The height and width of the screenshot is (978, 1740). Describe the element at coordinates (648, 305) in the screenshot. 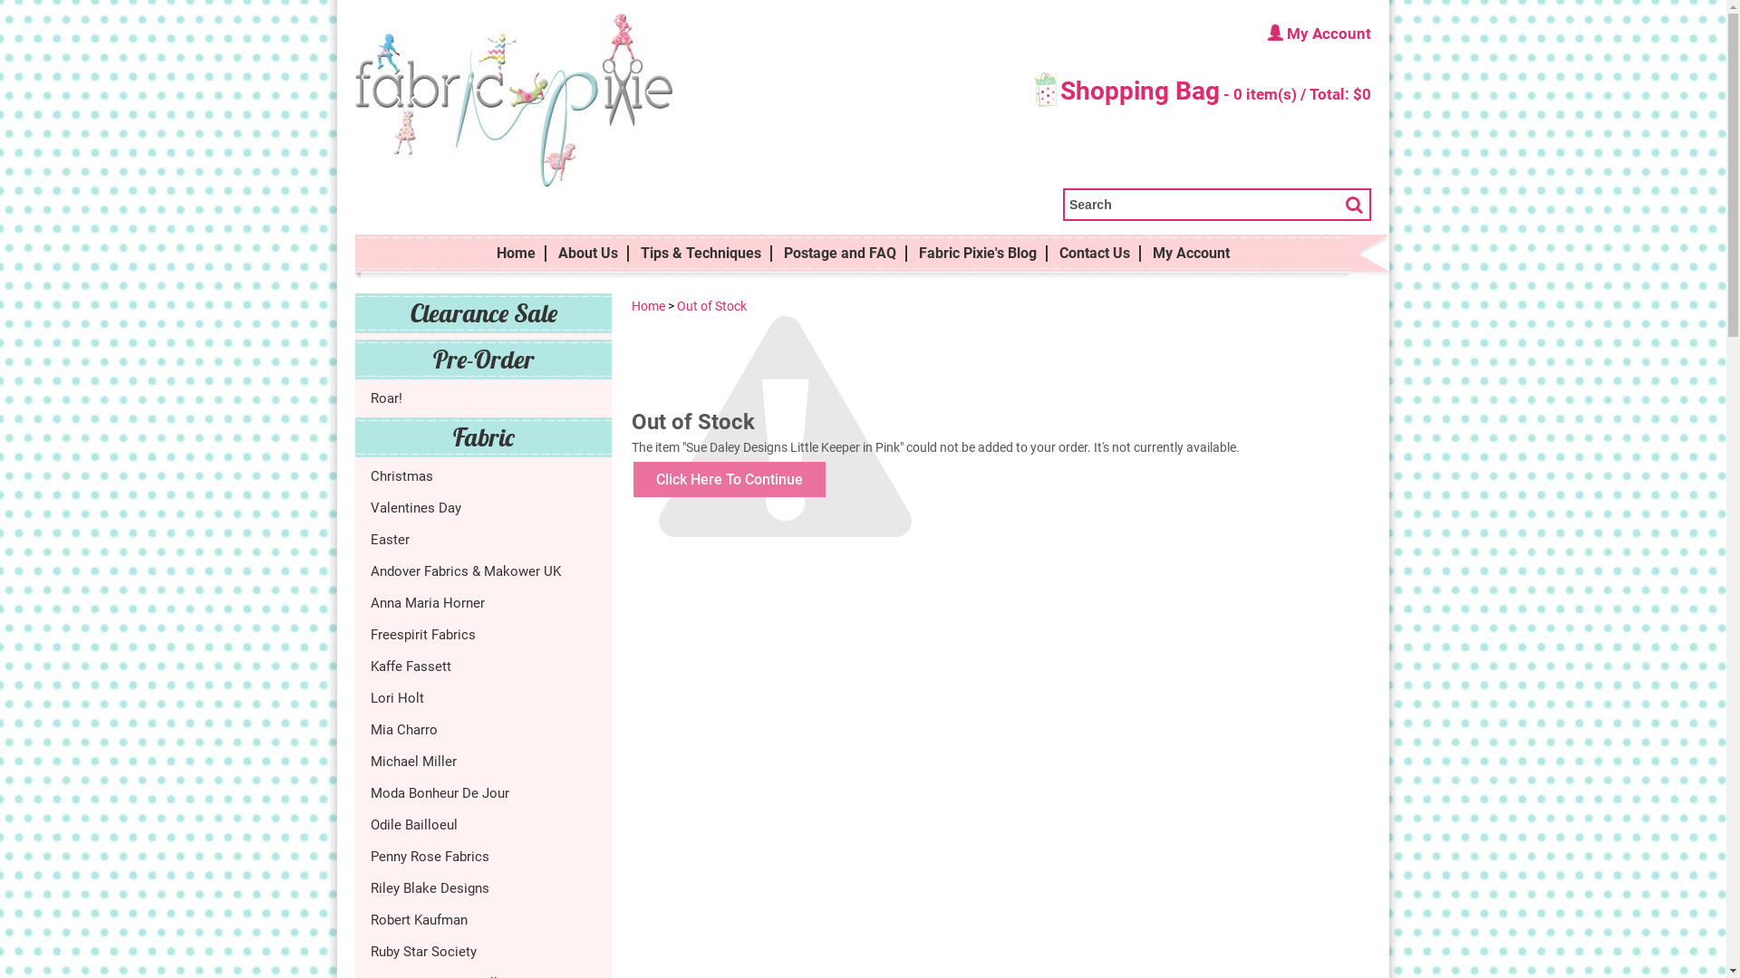

I see `'Home'` at that location.